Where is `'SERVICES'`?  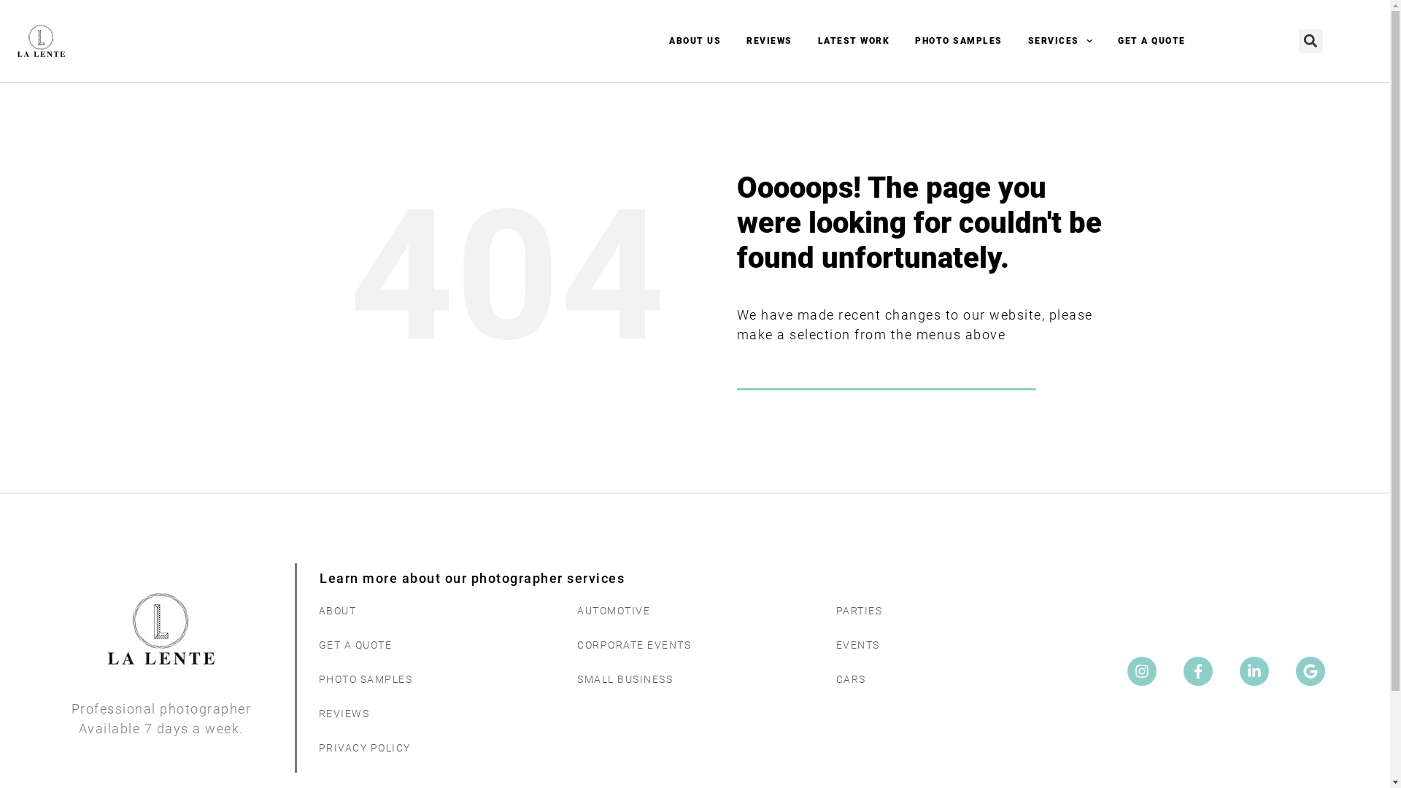
'SERVICES' is located at coordinates (1060, 40).